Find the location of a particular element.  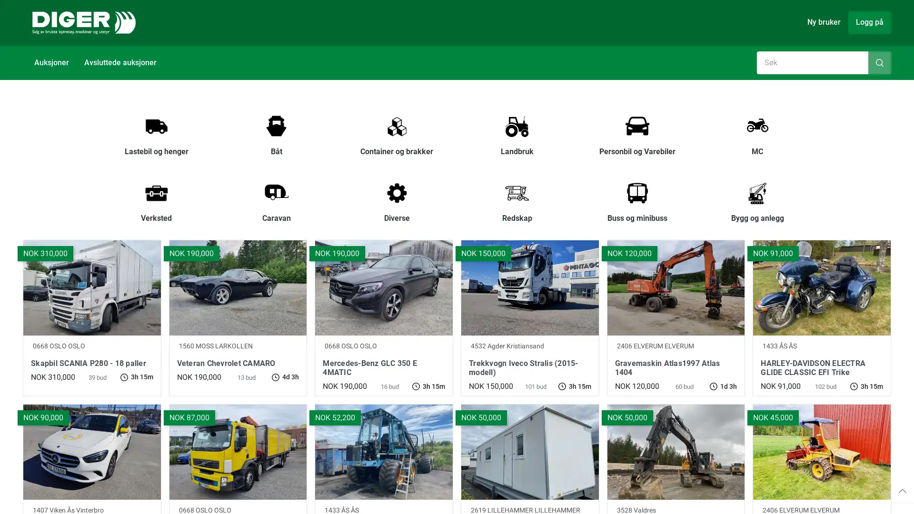

Auksjoner is located at coordinates (51, 62).